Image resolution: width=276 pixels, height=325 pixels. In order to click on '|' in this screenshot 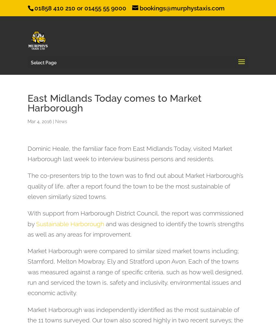, I will do `click(52, 121)`.